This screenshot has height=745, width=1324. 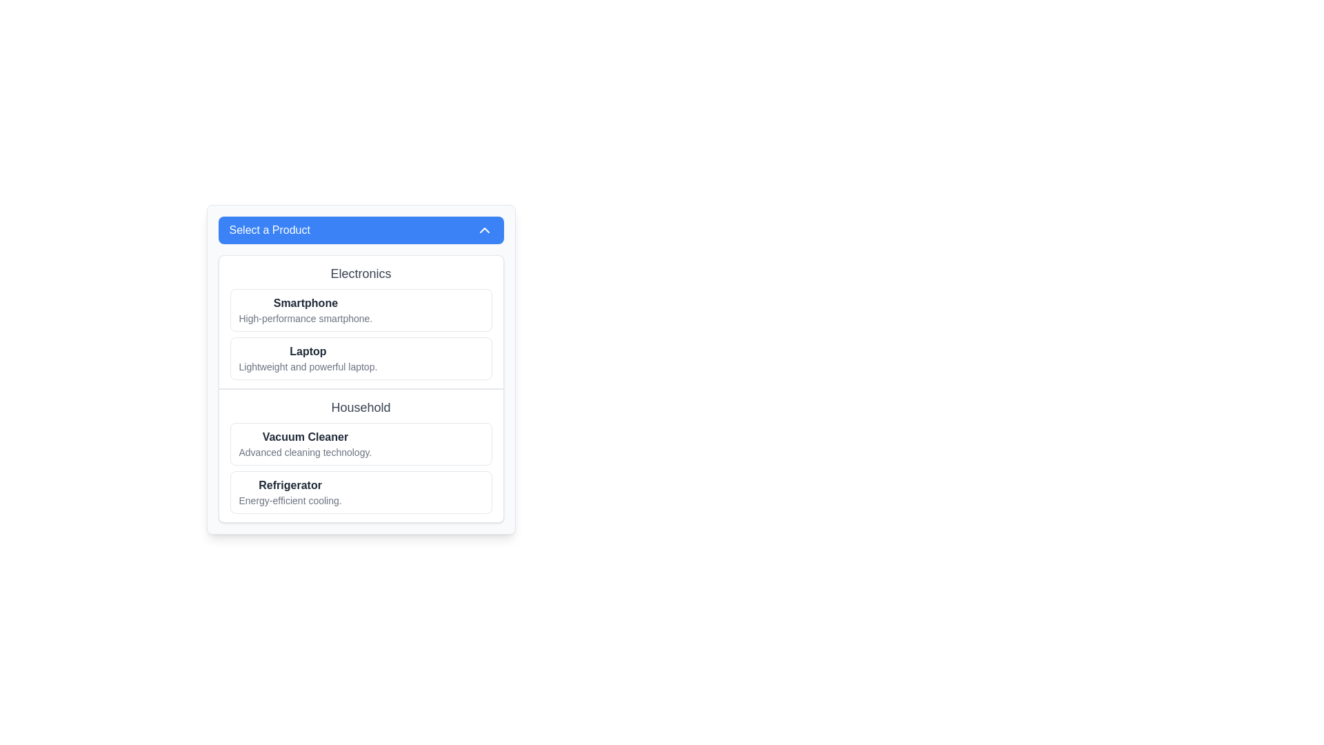 I want to click on the first List Item element labeled 'Smartphone' in the Electronics category, so click(x=361, y=310).